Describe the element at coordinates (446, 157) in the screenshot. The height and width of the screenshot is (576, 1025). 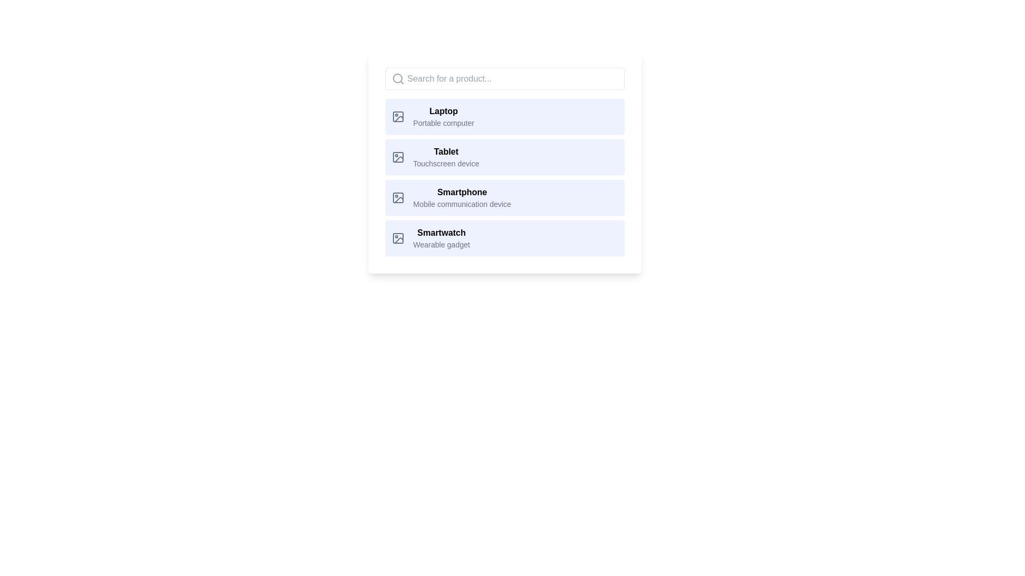
I see `the 'Tablet' option` at that location.